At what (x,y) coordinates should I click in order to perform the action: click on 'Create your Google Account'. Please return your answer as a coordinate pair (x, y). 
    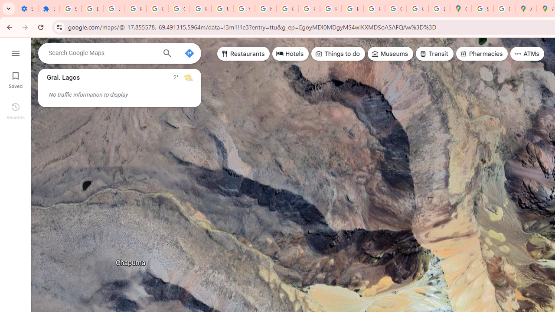
    Looking at the image, I should click on (504, 9).